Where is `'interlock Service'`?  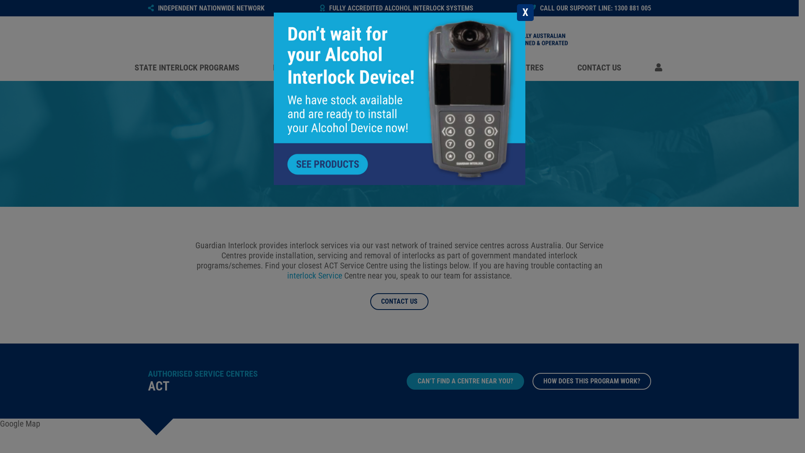
'interlock Service' is located at coordinates (287, 275).